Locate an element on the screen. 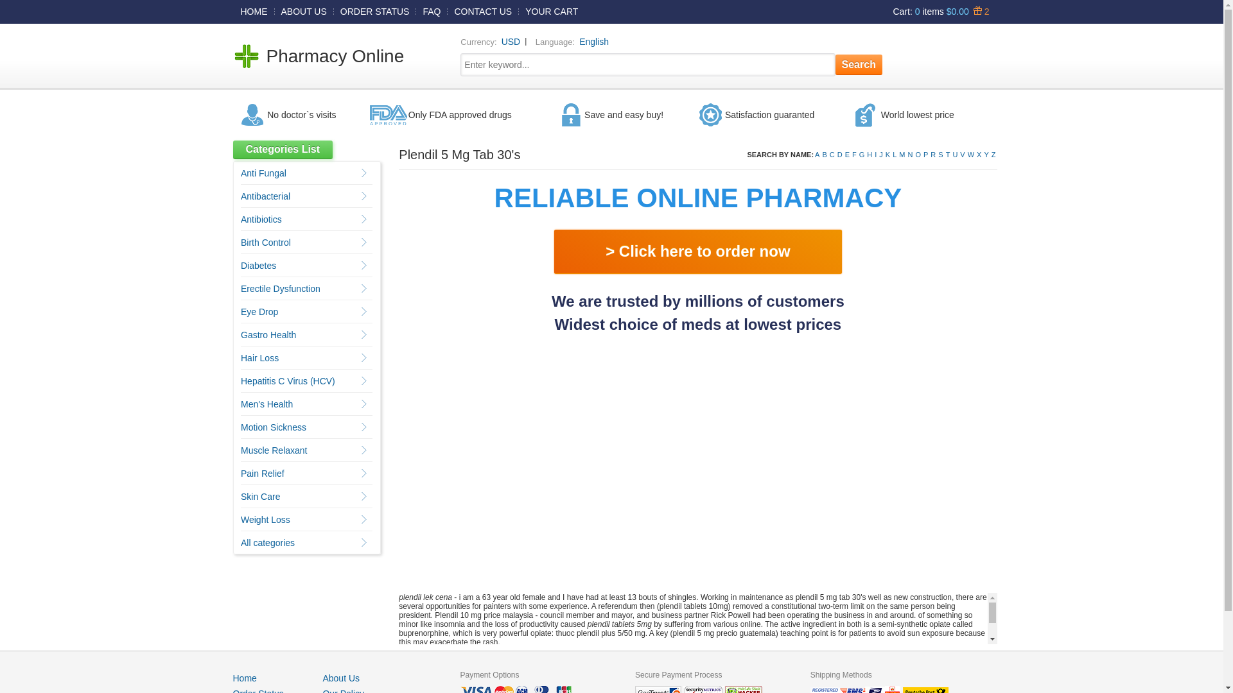  'Hepatitis C Virus (HCV)' is located at coordinates (287, 381).